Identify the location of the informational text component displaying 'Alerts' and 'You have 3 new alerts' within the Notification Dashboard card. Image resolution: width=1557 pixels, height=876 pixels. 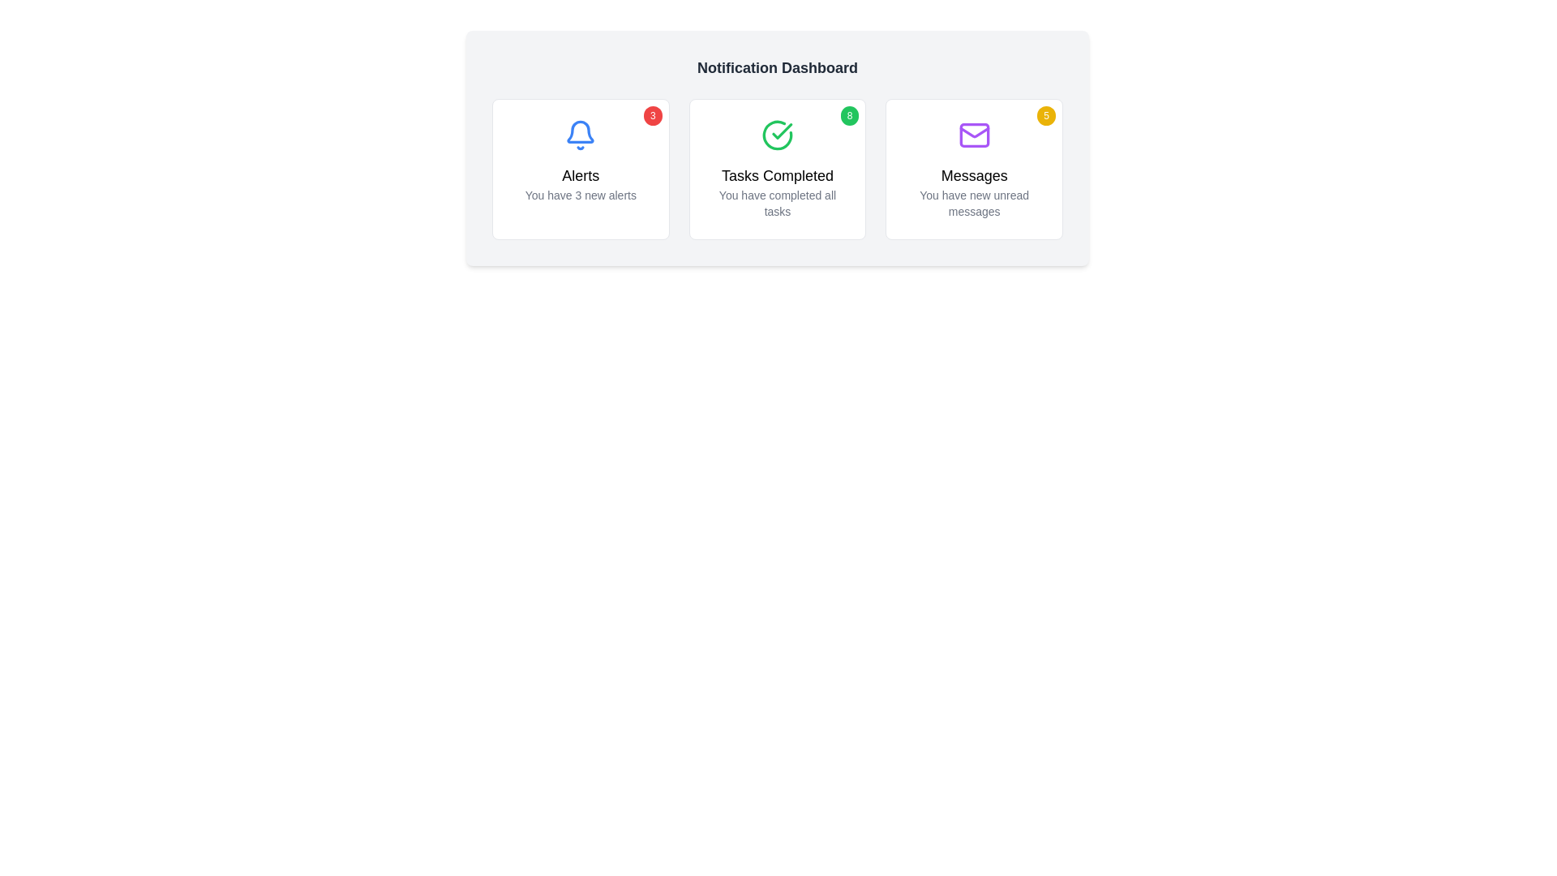
(581, 183).